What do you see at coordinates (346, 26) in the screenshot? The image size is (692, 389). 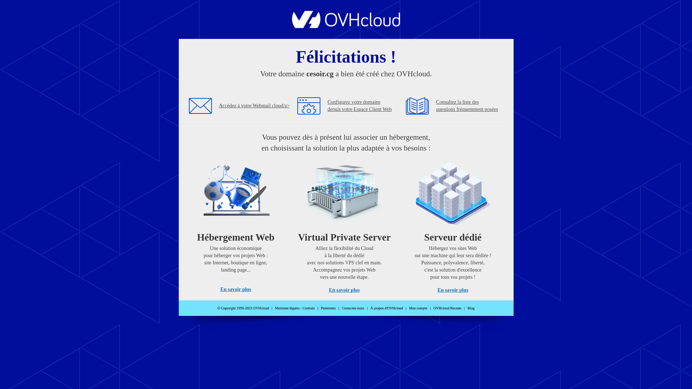 I see `'OVHcloud'` at bounding box center [346, 26].